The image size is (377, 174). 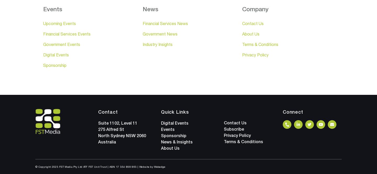 I want to click on 'Industry Insights', so click(x=143, y=44).